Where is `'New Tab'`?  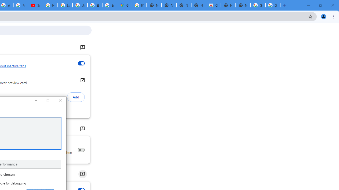 'New Tab' is located at coordinates (243, 5).